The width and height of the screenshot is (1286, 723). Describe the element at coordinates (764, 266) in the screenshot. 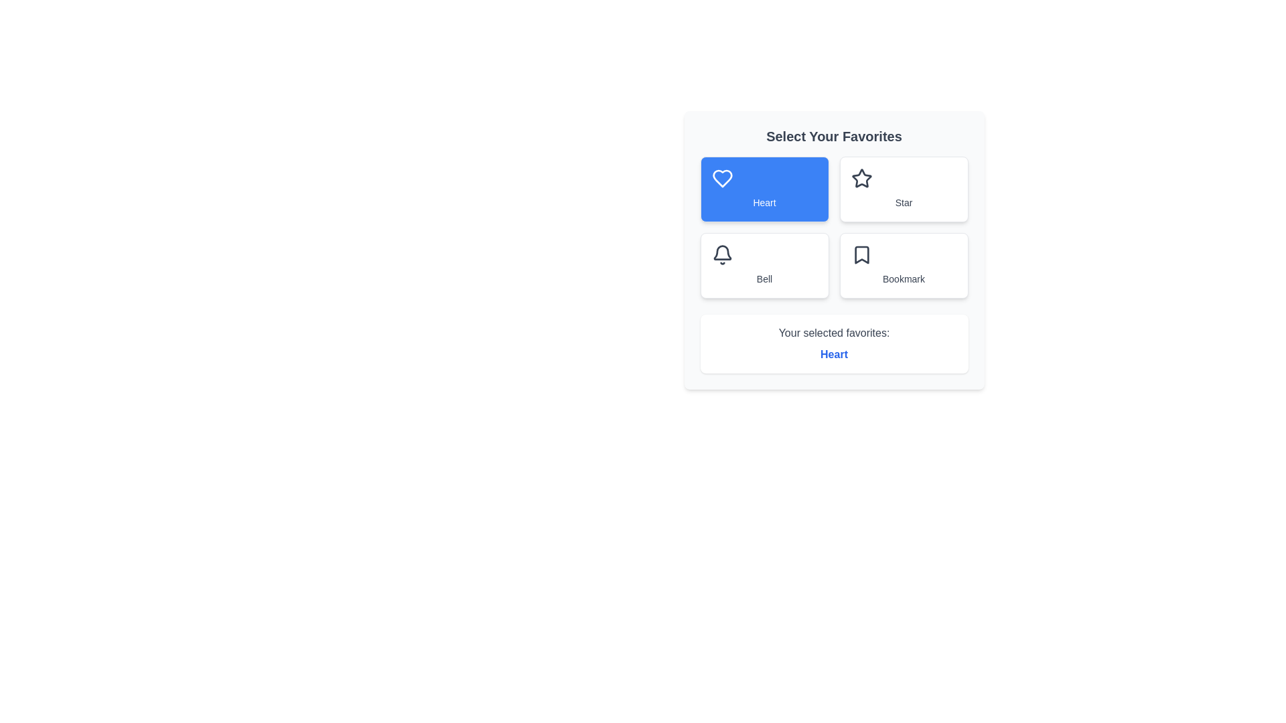

I see `the favorite icon Bell` at that location.